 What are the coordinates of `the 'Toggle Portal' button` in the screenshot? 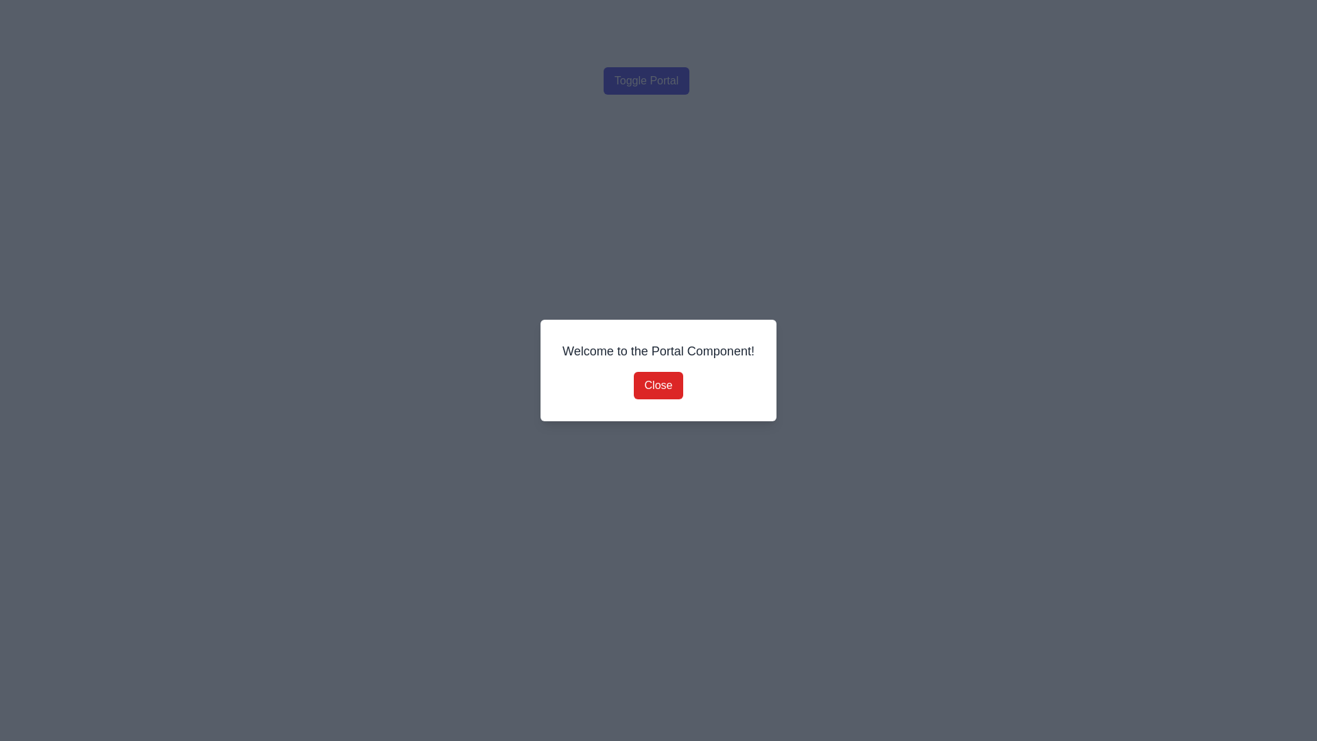 It's located at (645, 81).